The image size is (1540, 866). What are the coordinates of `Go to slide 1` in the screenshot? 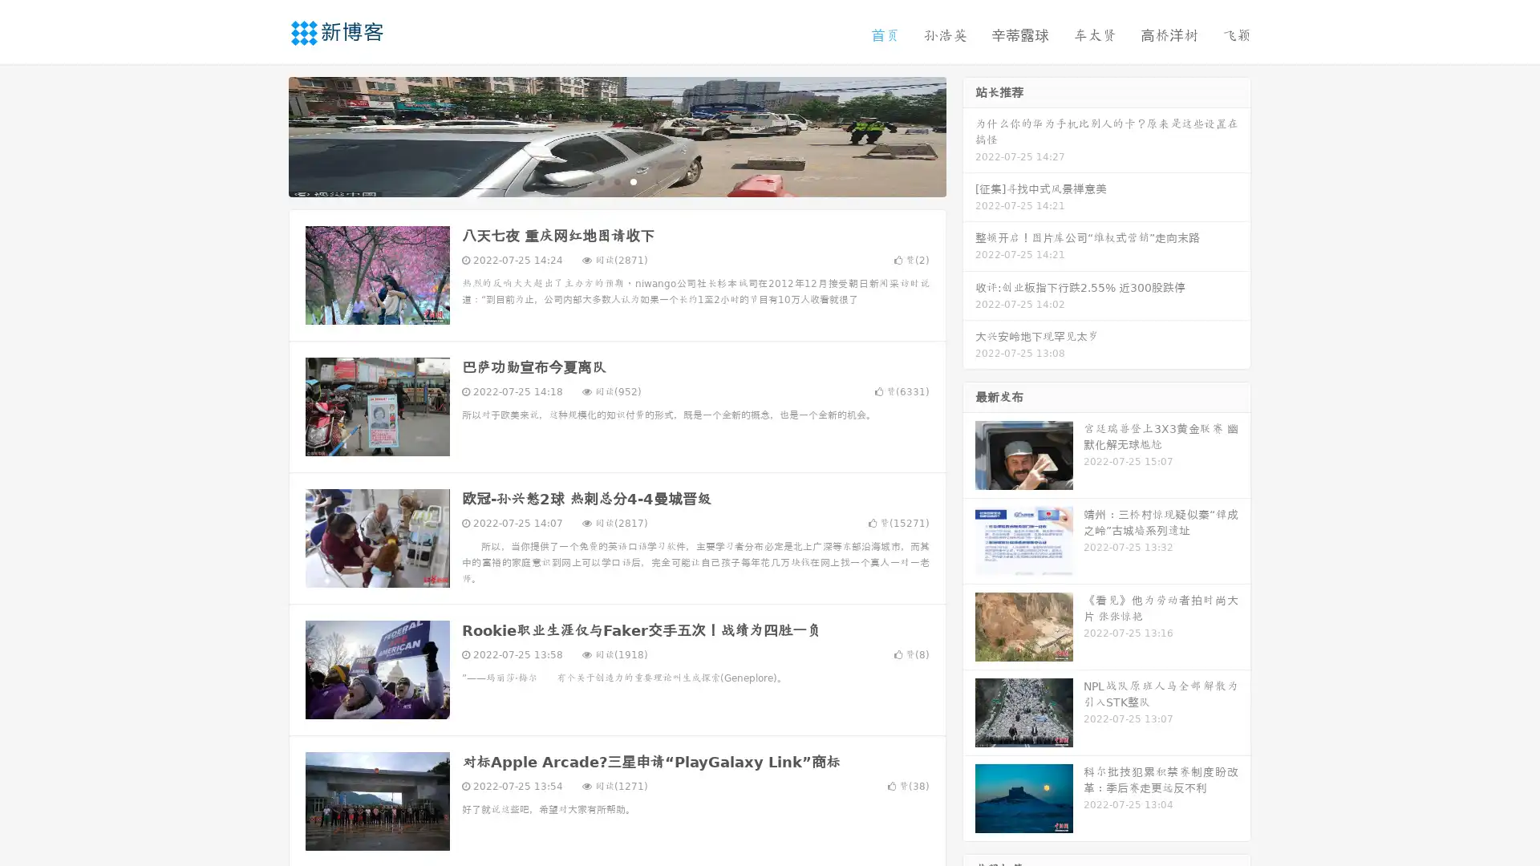 It's located at (600, 180).